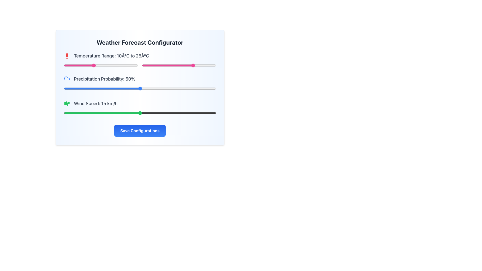  Describe the element at coordinates (89, 113) in the screenshot. I see `the wind speed` at that location.